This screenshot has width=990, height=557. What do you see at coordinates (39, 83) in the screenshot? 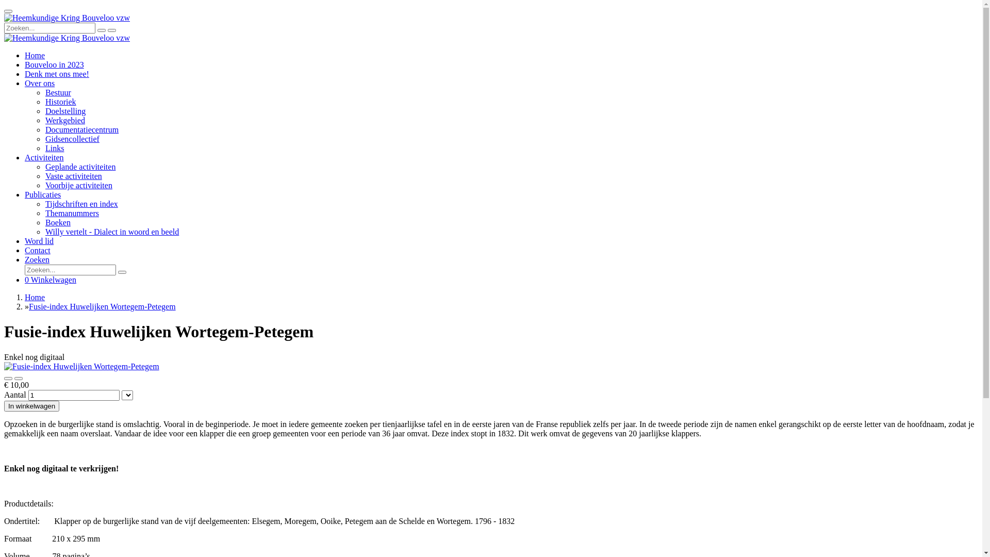
I see `'Over ons'` at bounding box center [39, 83].